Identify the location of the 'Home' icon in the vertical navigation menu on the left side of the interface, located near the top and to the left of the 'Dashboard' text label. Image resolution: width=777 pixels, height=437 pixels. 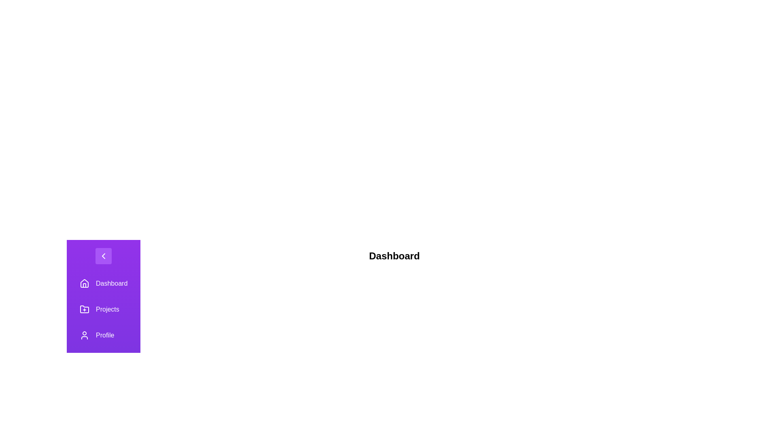
(85, 282).